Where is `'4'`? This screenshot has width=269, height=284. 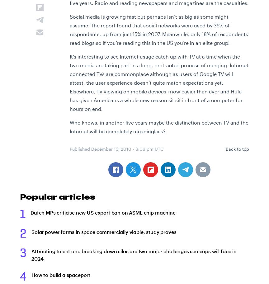 '4' is located at coordinates (23, 277).